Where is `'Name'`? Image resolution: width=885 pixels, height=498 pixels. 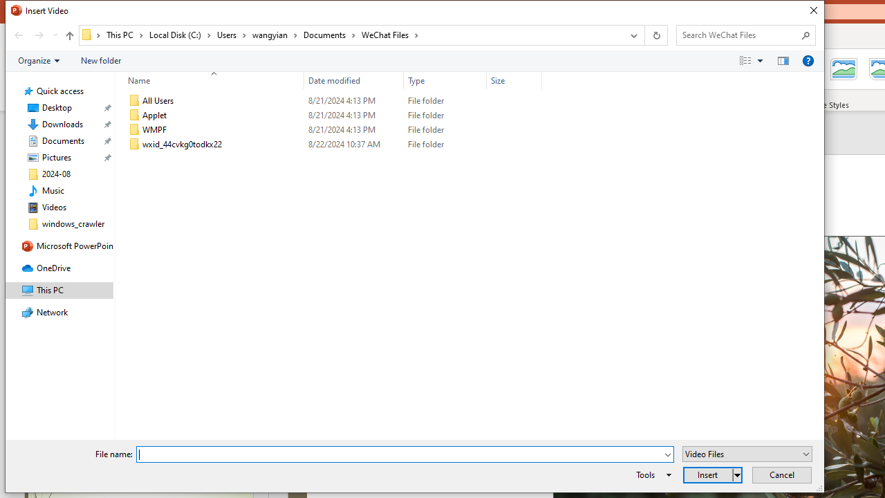 'Name' is located at coordinates (209, 80).